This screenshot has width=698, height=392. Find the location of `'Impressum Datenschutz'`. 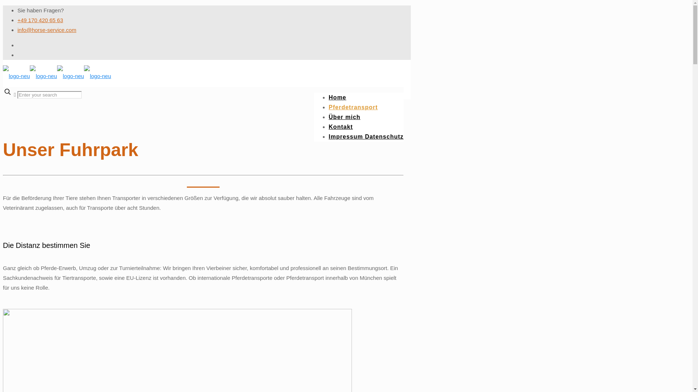

'Impressum Datenschutz' is located at coordinates (366, 136).